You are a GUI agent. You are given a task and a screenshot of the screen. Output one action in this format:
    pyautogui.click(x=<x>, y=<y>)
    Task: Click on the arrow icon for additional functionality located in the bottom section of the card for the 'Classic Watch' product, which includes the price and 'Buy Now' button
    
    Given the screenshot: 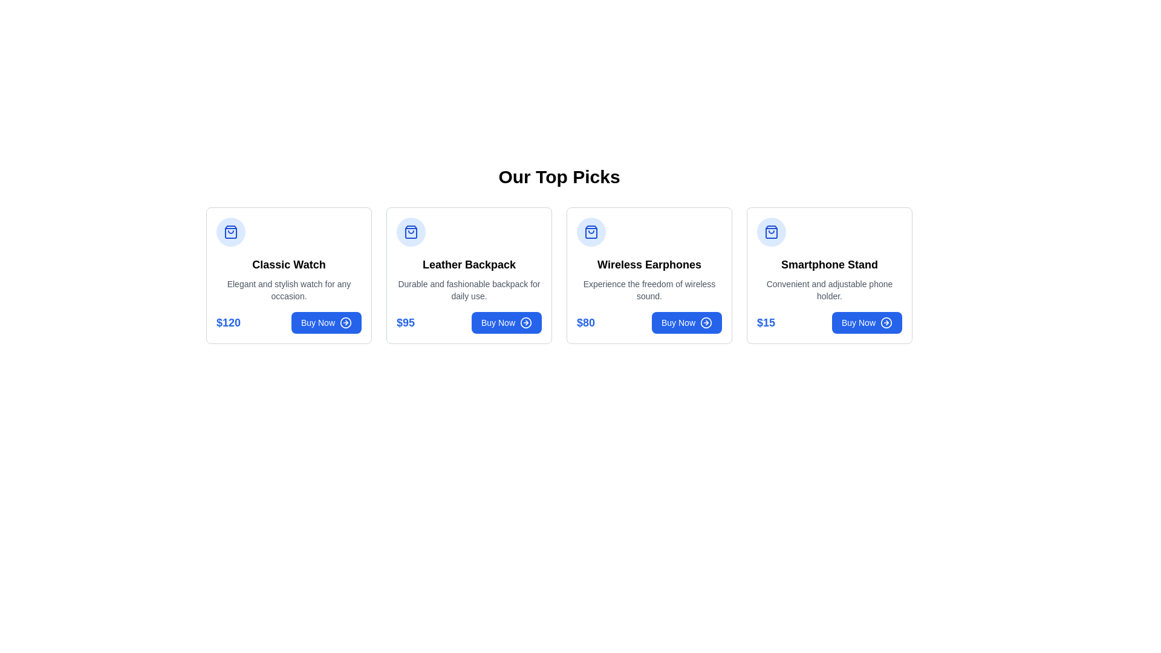 What is the action you would take?
    pyautogui.click(x=288, y=322)
    